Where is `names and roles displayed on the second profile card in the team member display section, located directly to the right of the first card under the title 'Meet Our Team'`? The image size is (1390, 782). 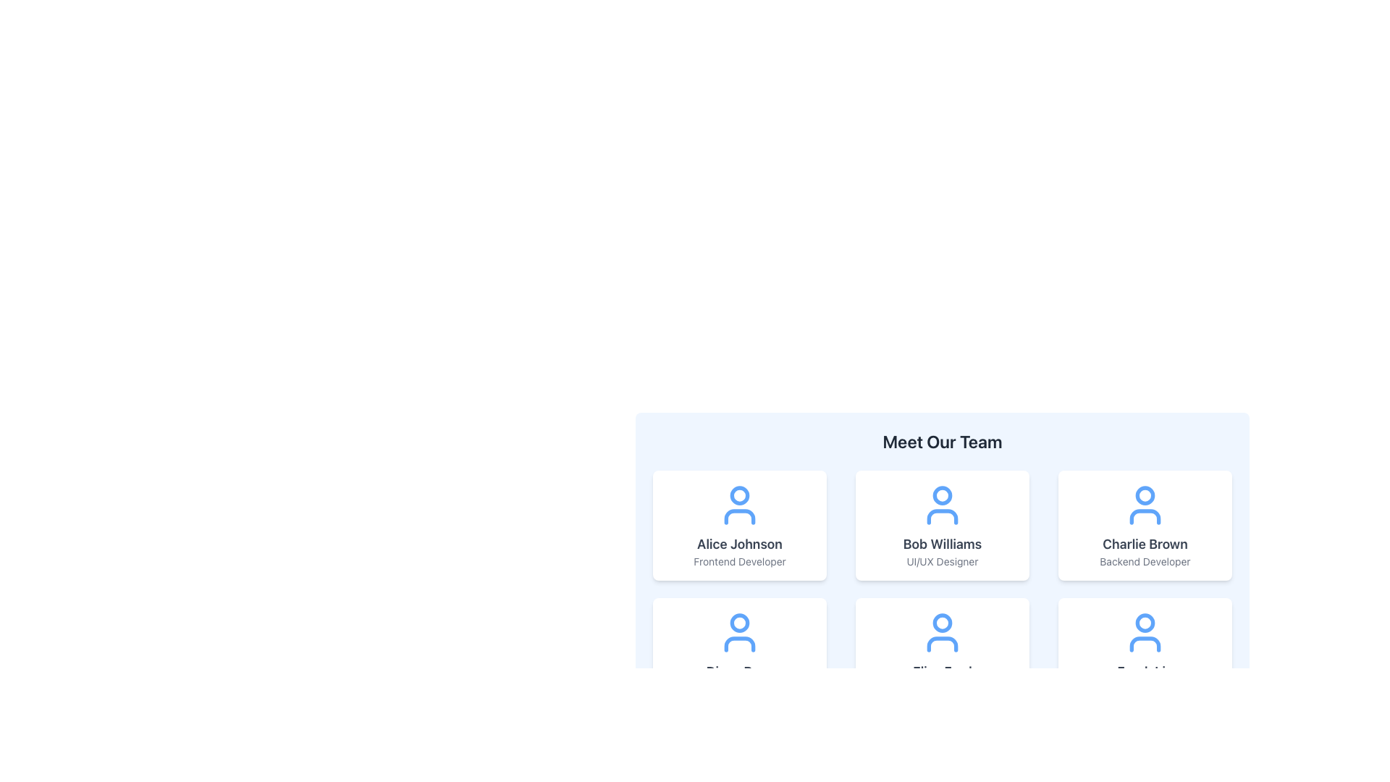
names and roles displayed on the second profile card in the team member display section, located directly to the right of the first card under the title 'Meet Our Team' is located at coordinates (942, 589).